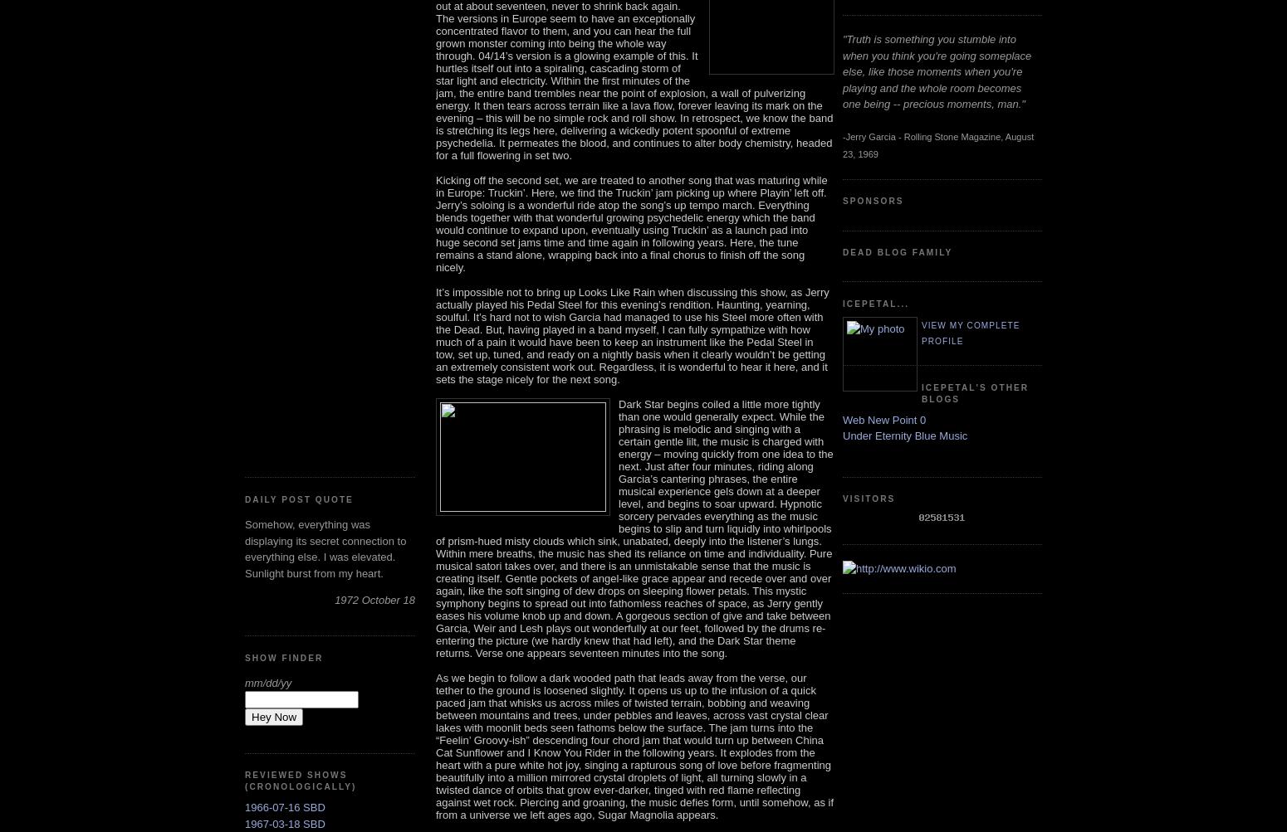 The image size is (1287, 832). I want to click on 'As we begin to follow a dark wooded path that leads away from the verse, our tether to the ground is loosened slightly. It opens us up to the infusion of a quick paced jam that whisks us across miles of twisted terrain, bobbing and weaving between mountains and trees, under pebbles and leaves, across vast crystal clear lakes with moonlit beds seen fathoms below the surface. The jam turns into the “Feelin’ Groovy-ish” descending four chord jam that would turn up between China Cat Sunflower and I Know You Rider in the following years. It explodes from the heart with a pure white hot joy, singing a rapturous song of love before fragmenting beautifully into a million mirrored crystal droplets of light, all turning slowly in a twisted dance of orbits that grow ever-darker, tinged with red flame reflecting against wet rock. Piercing and groaning, the music defies form, until somehow, as if from a universe we left ages ago, Sugar Magnolia appears.', so click(634, 745).